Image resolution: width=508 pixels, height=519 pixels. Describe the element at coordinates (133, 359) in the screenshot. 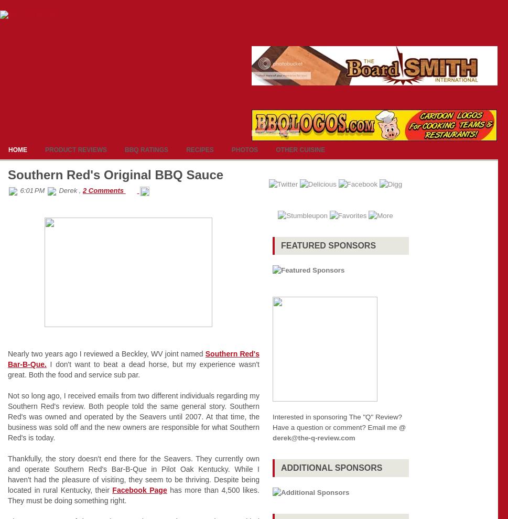

I see `'Southern Red's Bar-B-Que.'` at that location.